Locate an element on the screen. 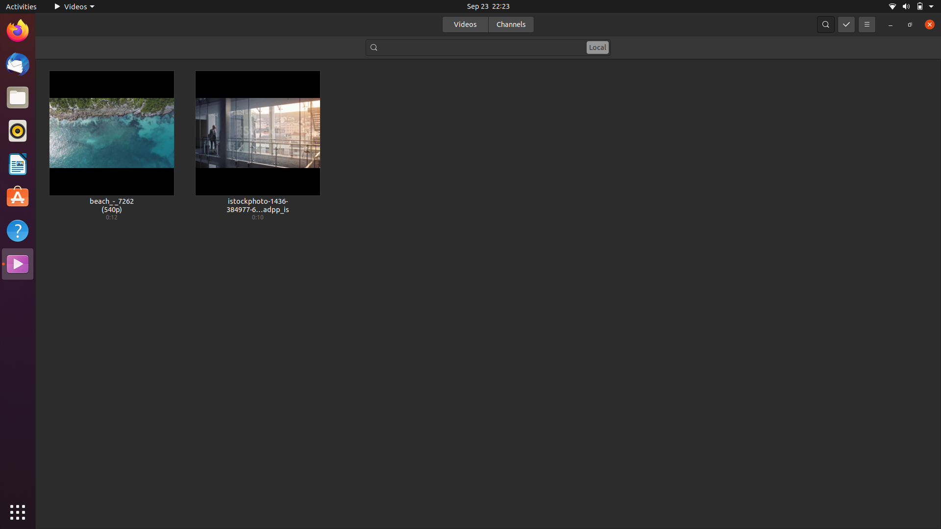  Search for a specific channel in the search bar is located at coordinates (488, 47).